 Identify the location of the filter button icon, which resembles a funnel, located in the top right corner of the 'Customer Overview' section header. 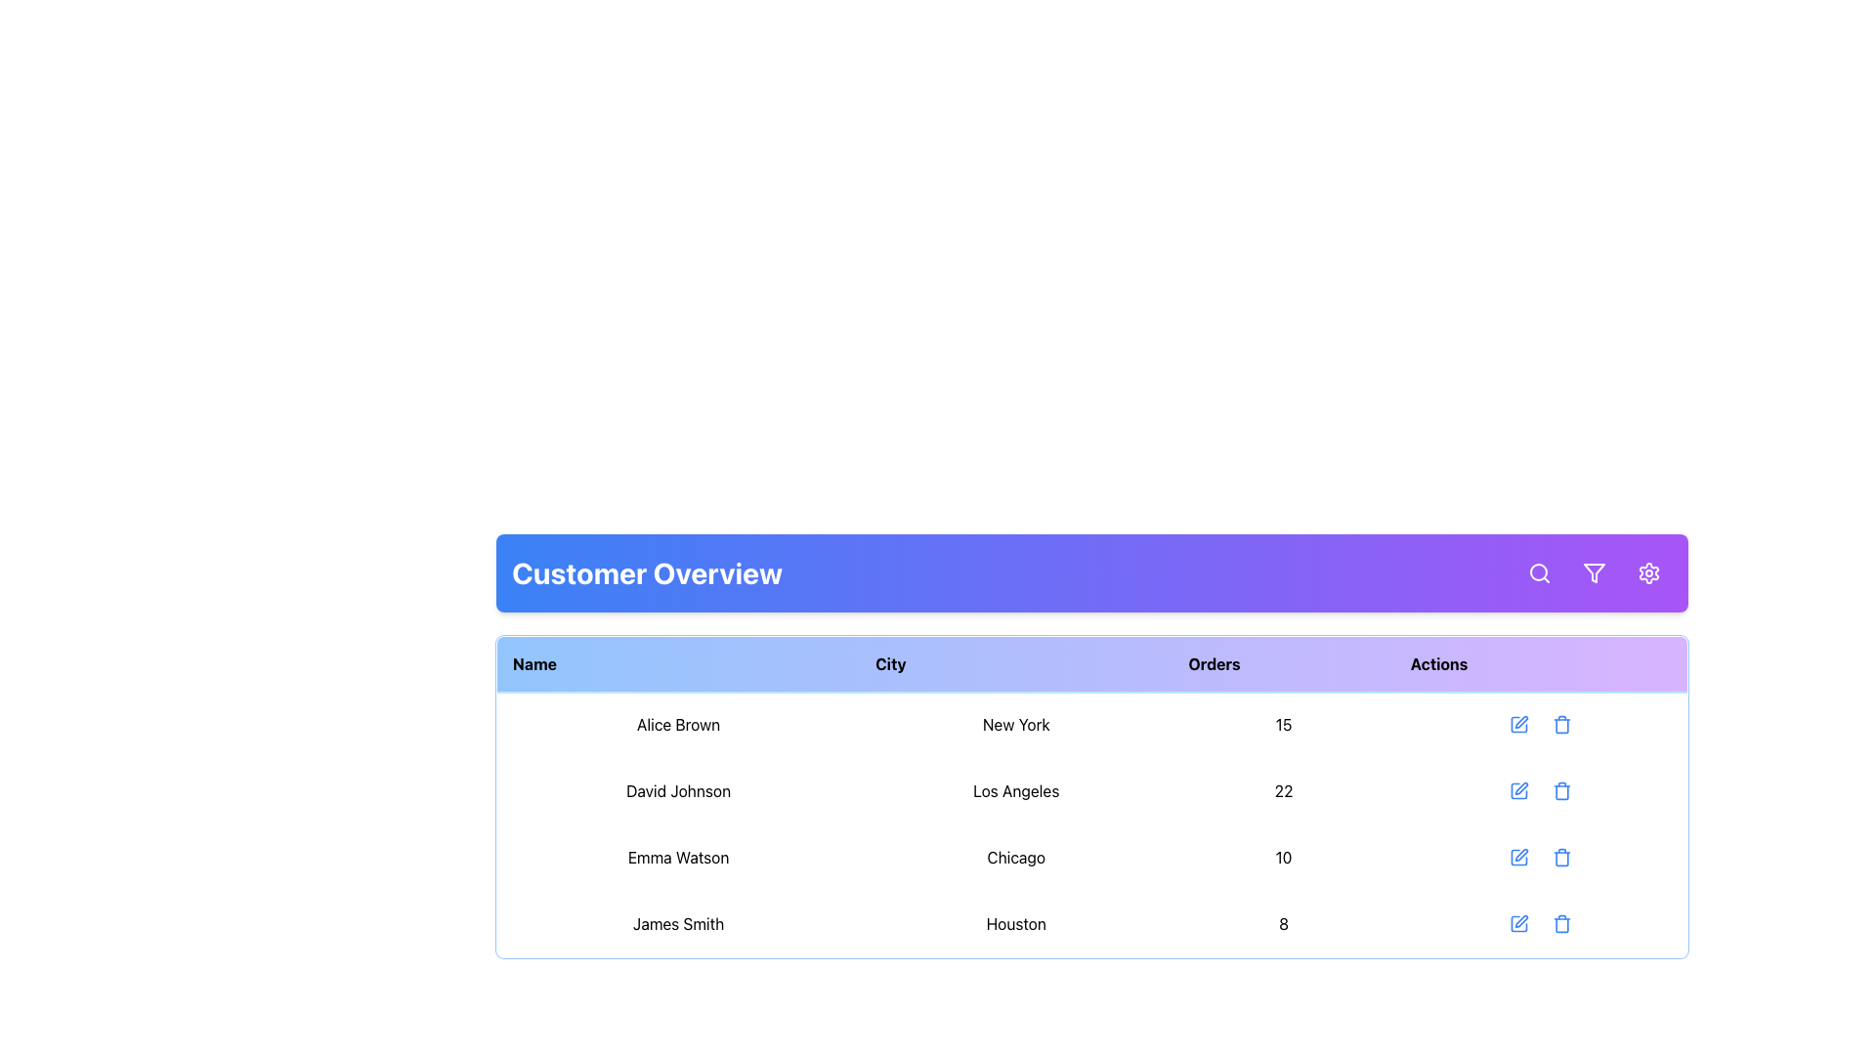
(1595, 571).